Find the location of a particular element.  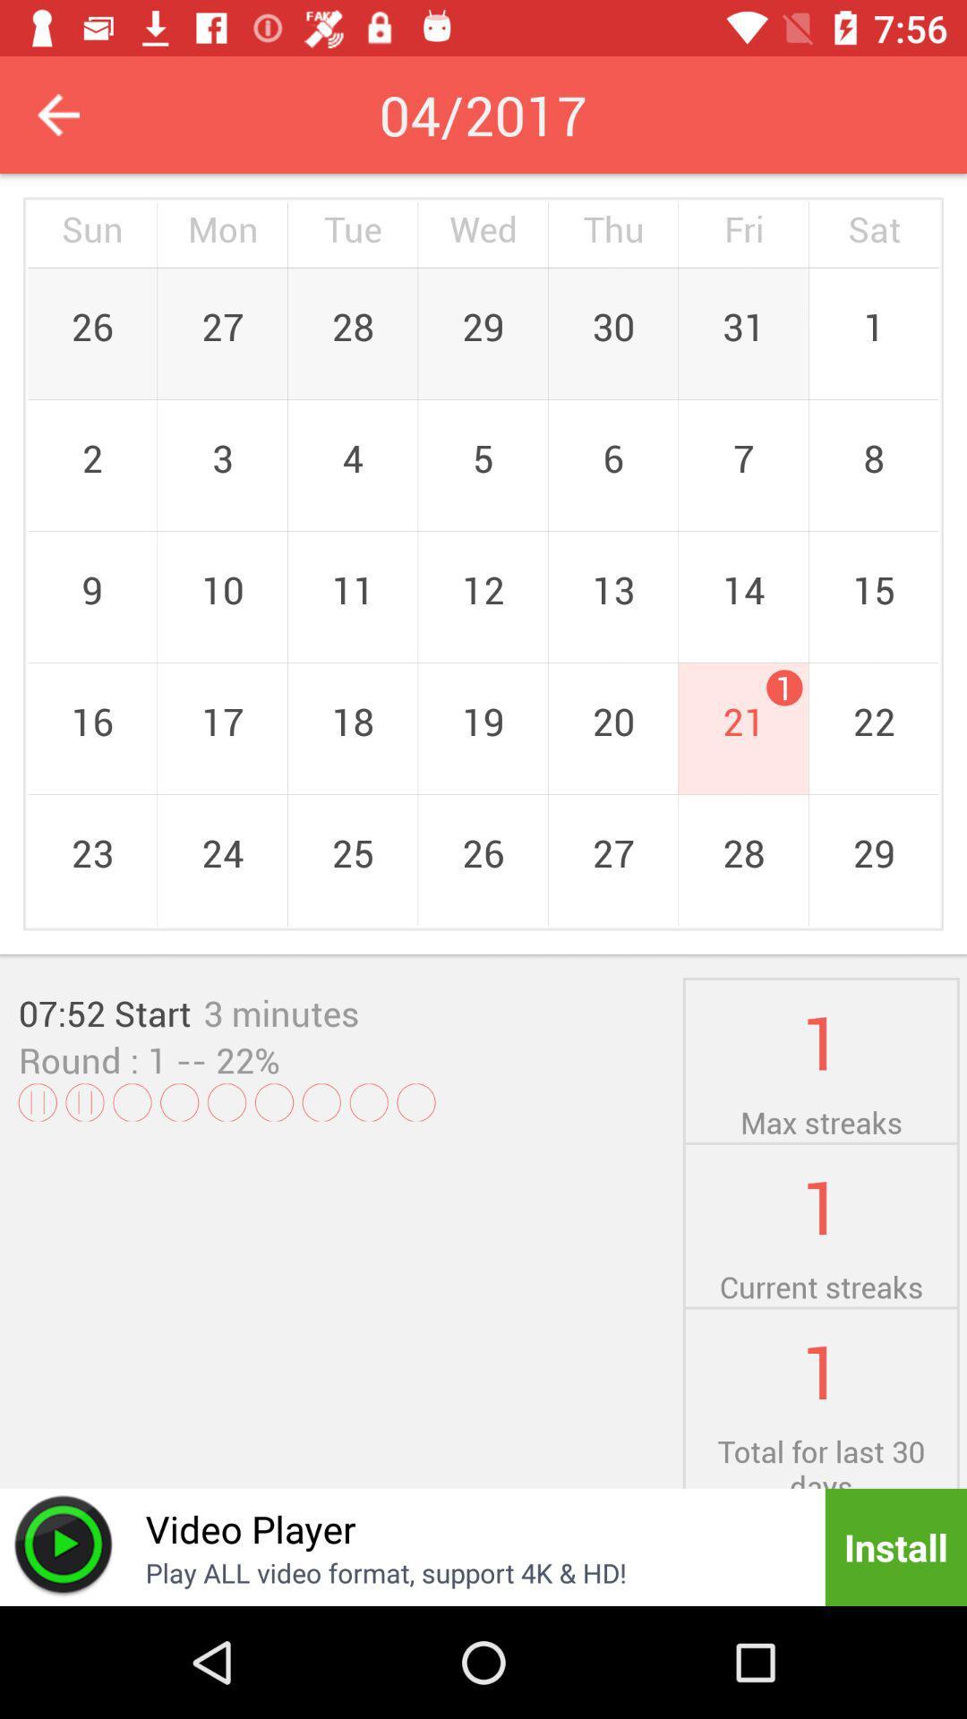

go back is located at coordinates (57, 114).